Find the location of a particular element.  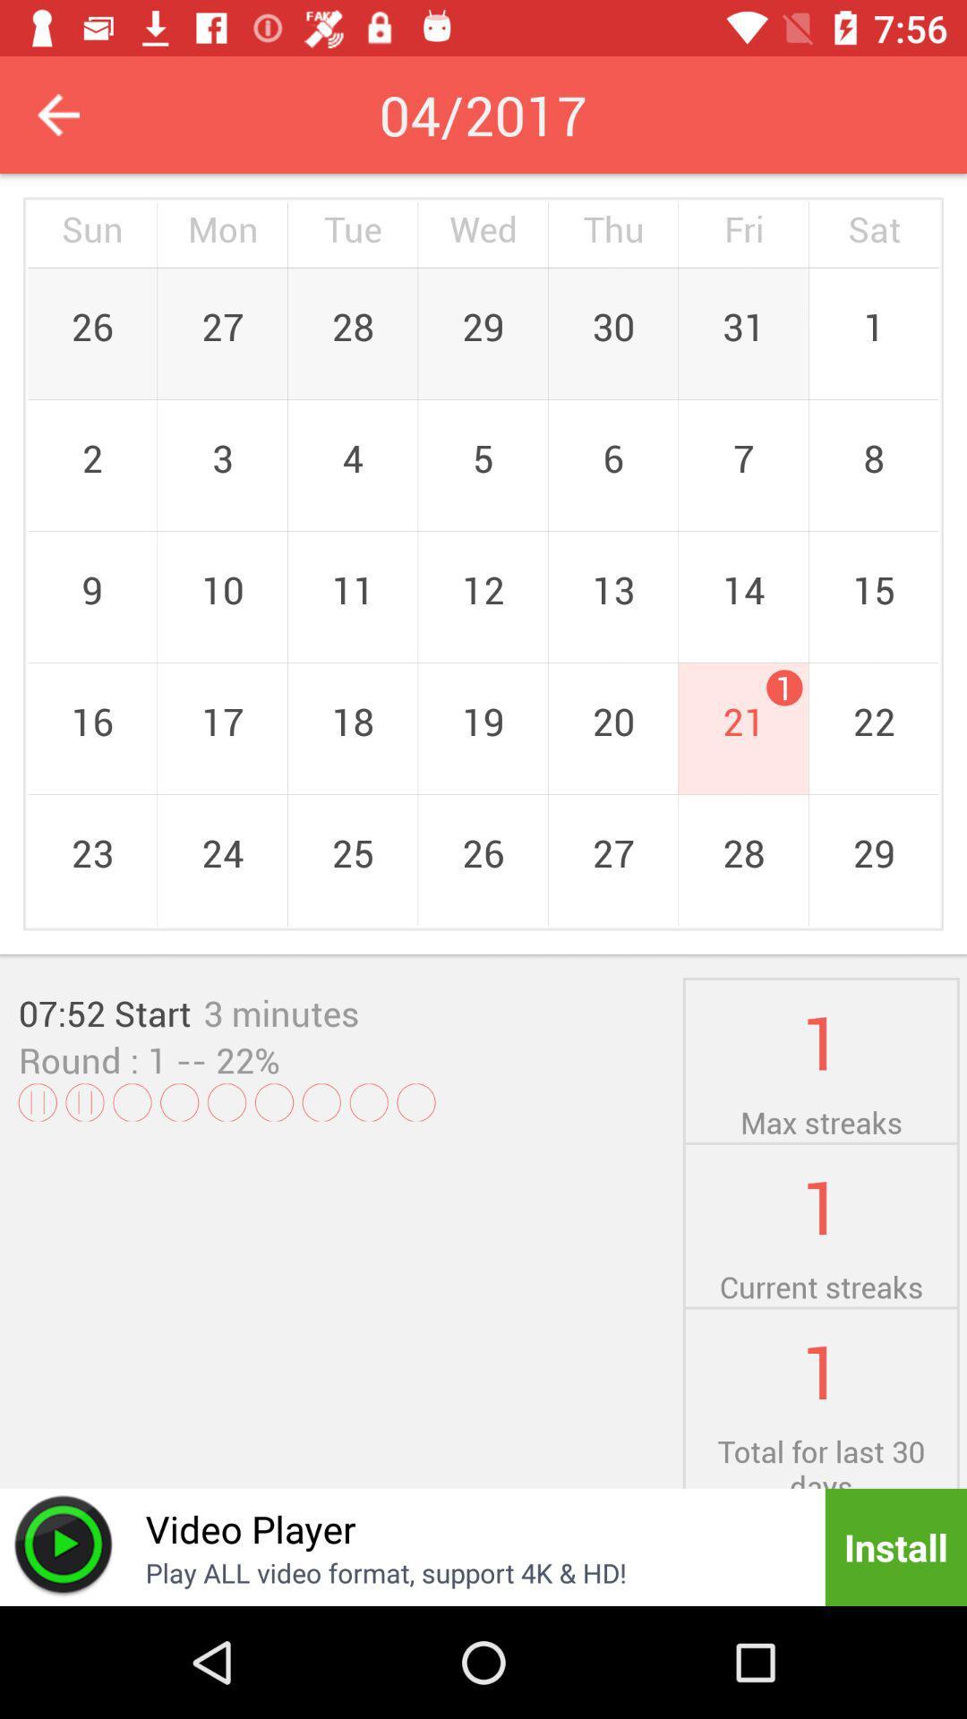

go back is located at coordinates (57, 114).